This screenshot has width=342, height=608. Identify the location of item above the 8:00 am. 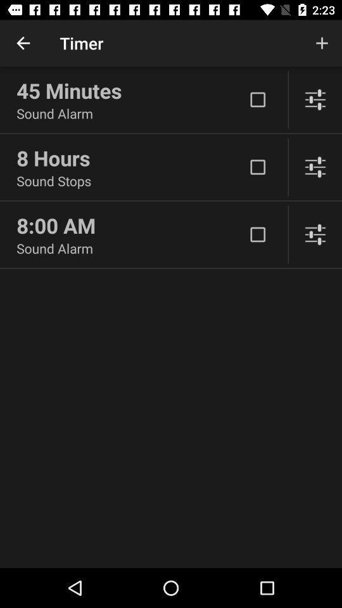
(130, 180).